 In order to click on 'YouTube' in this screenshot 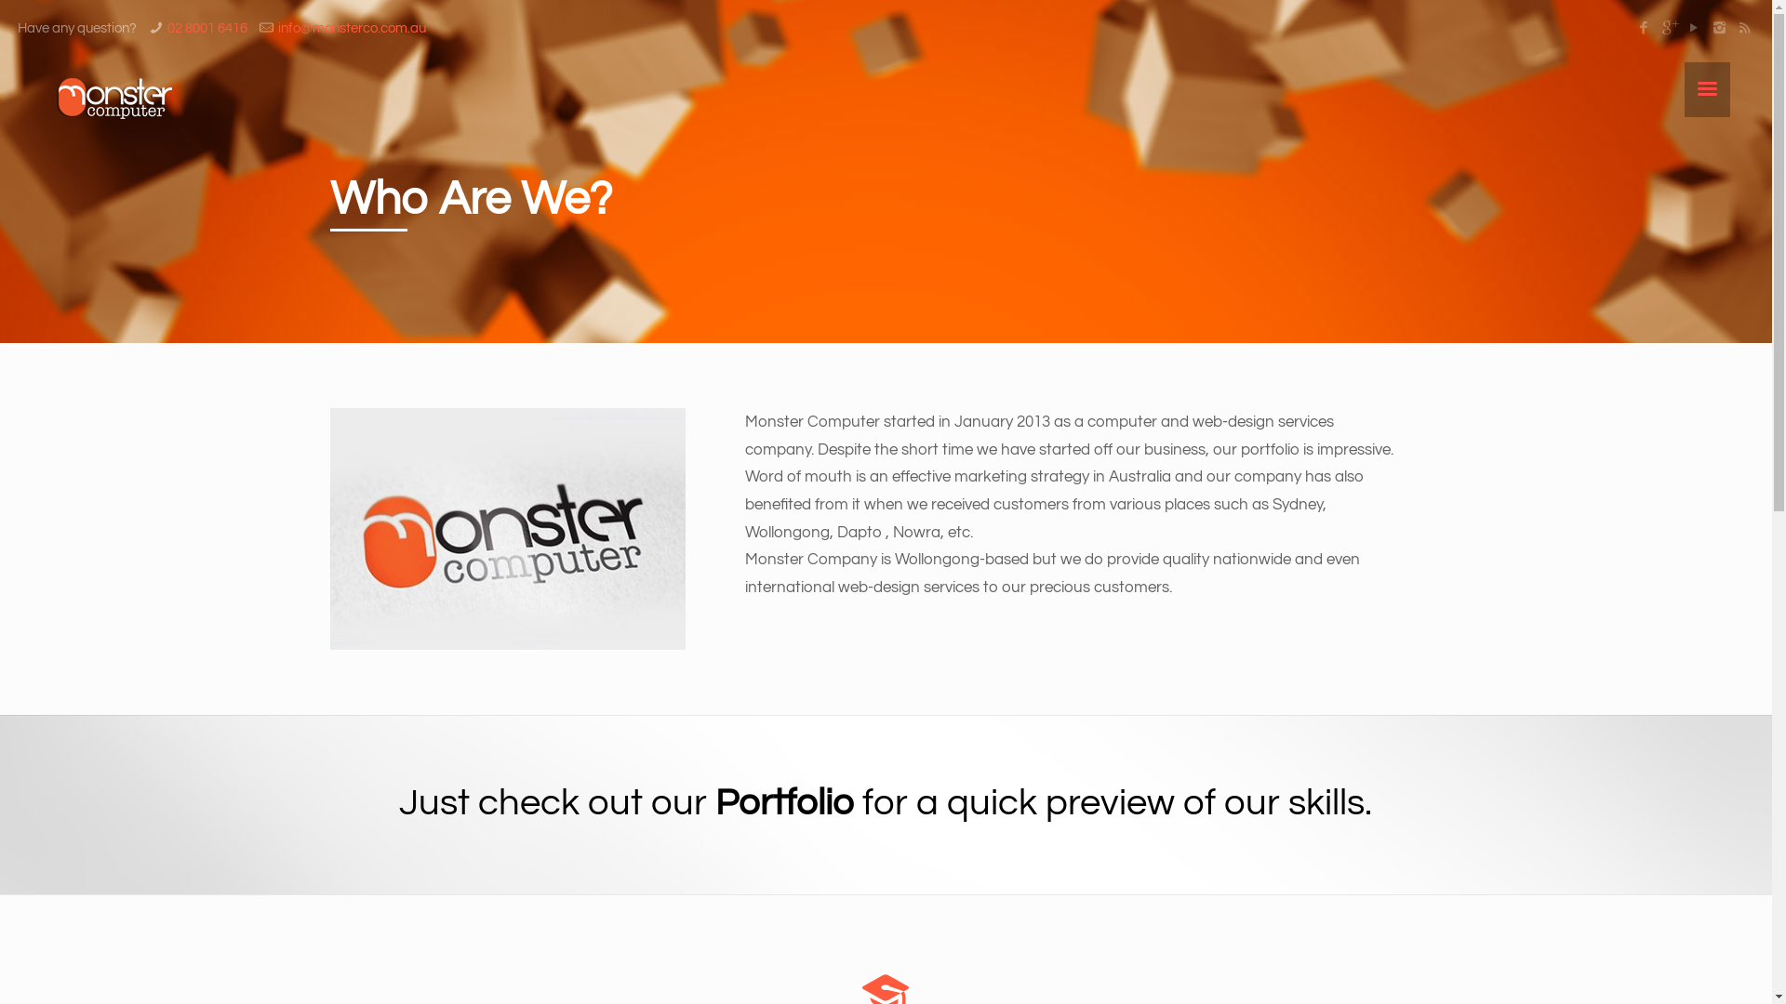, I will do `click(1694, 28)`.